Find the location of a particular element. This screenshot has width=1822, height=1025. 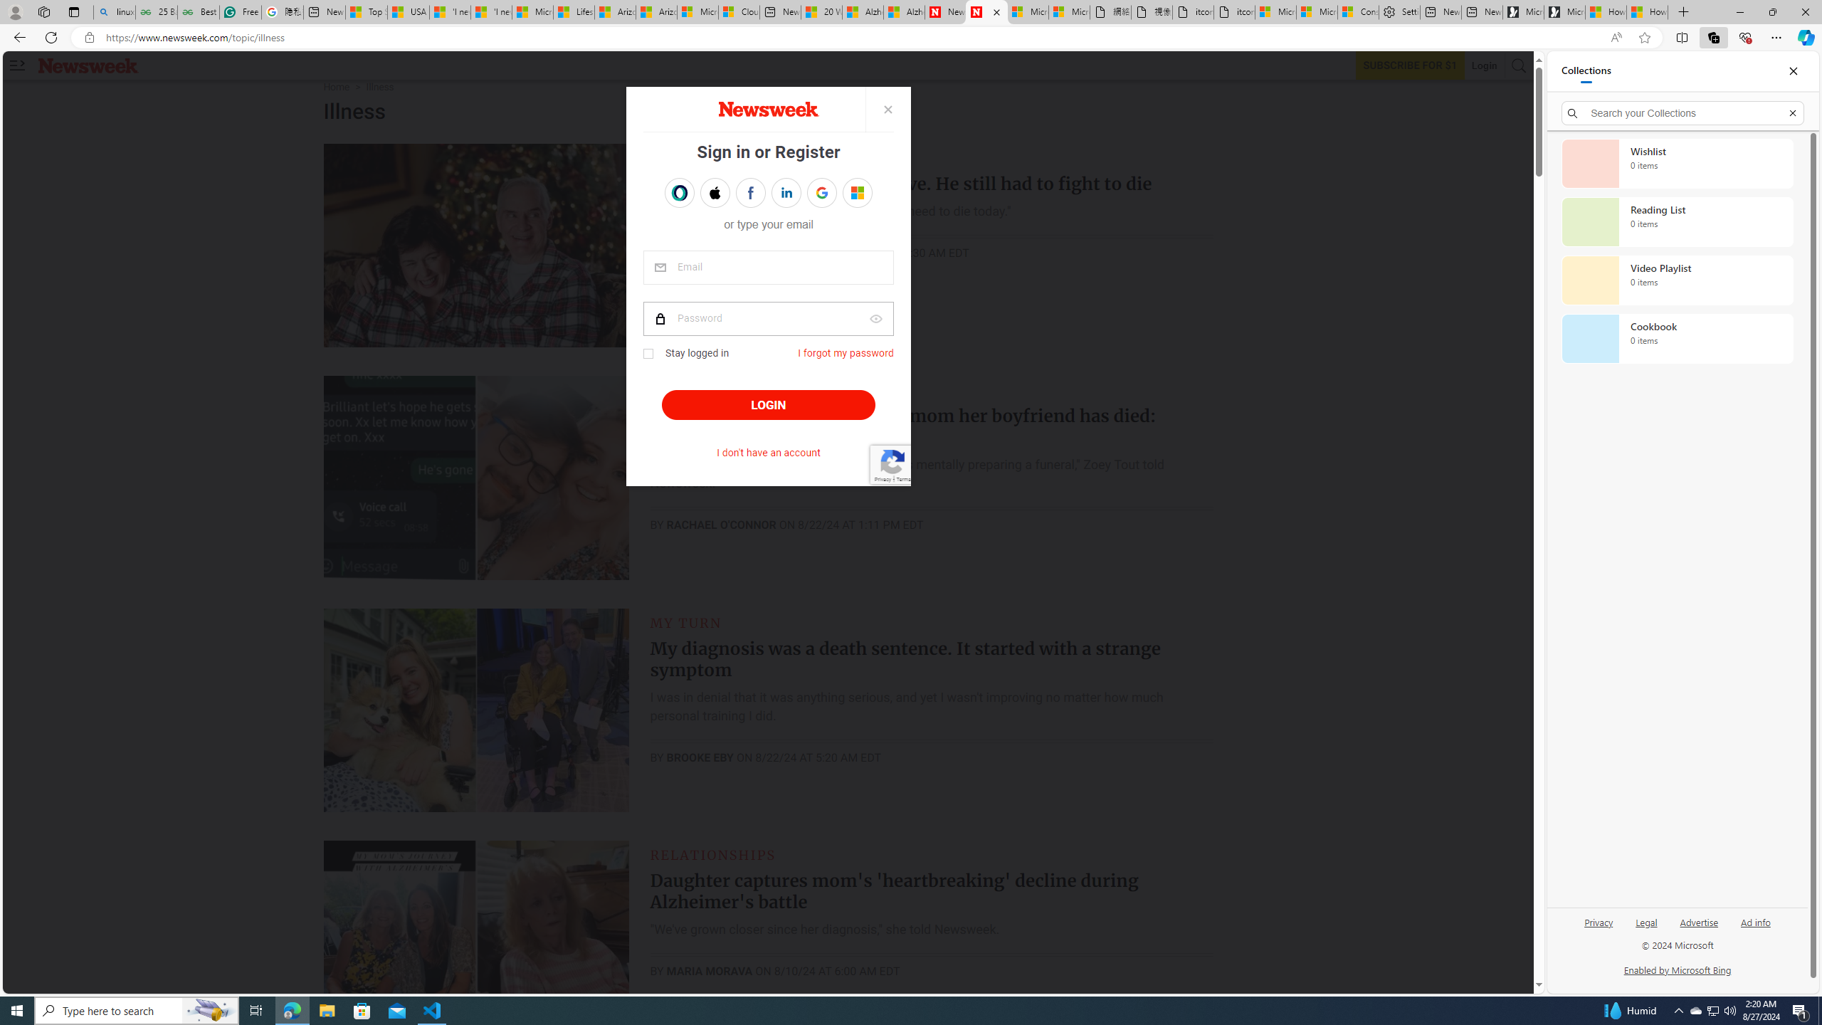

'Sign in with OPENPASS' is located at coordinates (678, 193).